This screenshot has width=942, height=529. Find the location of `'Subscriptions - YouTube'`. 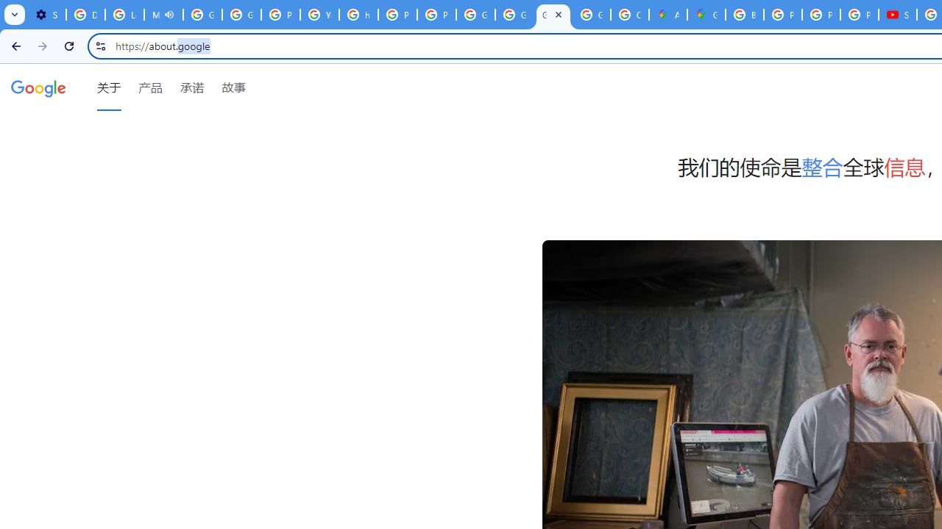

'Subscriptions - YouTube' is located at coordinates (896, 15).